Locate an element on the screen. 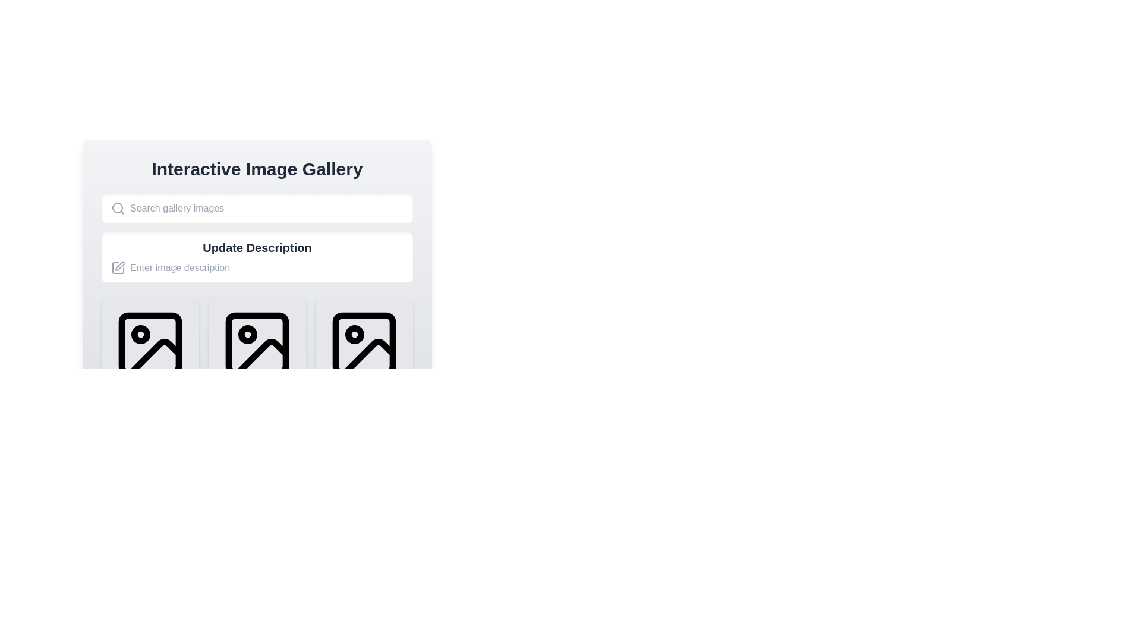 Image resolution: width=1141 pixels, height=642 pixels. the graphical rectangle that represents a detail of the photo icon located in the top-left segment of the photo icon, which is the first icon in a row of three below 'Interactive Image Gallery' and the search bar is located at coordinates (150, 344).